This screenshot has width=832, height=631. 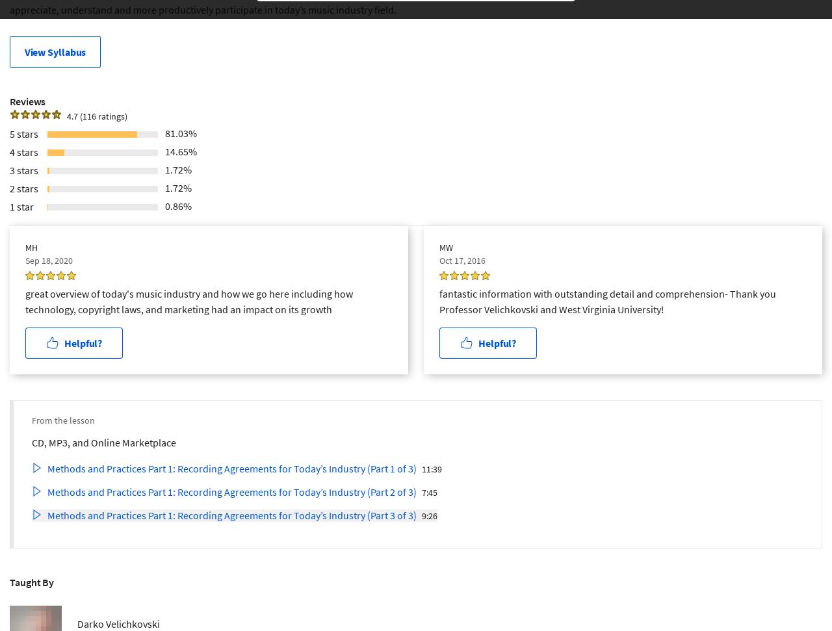 What do you see at coordinates (421, 491) in the screenshot?
I see `'7:45'` at bounding box center [421, 491].